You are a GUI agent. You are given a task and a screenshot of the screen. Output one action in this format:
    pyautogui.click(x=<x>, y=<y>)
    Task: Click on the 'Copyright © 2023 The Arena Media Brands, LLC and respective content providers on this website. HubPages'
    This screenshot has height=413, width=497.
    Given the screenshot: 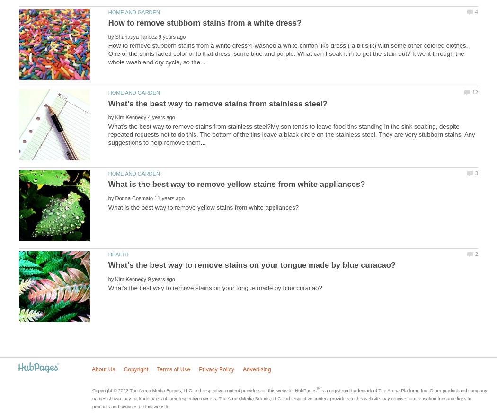 What is the action you would take?
    pyautogui.click(x=204, y=390)
    